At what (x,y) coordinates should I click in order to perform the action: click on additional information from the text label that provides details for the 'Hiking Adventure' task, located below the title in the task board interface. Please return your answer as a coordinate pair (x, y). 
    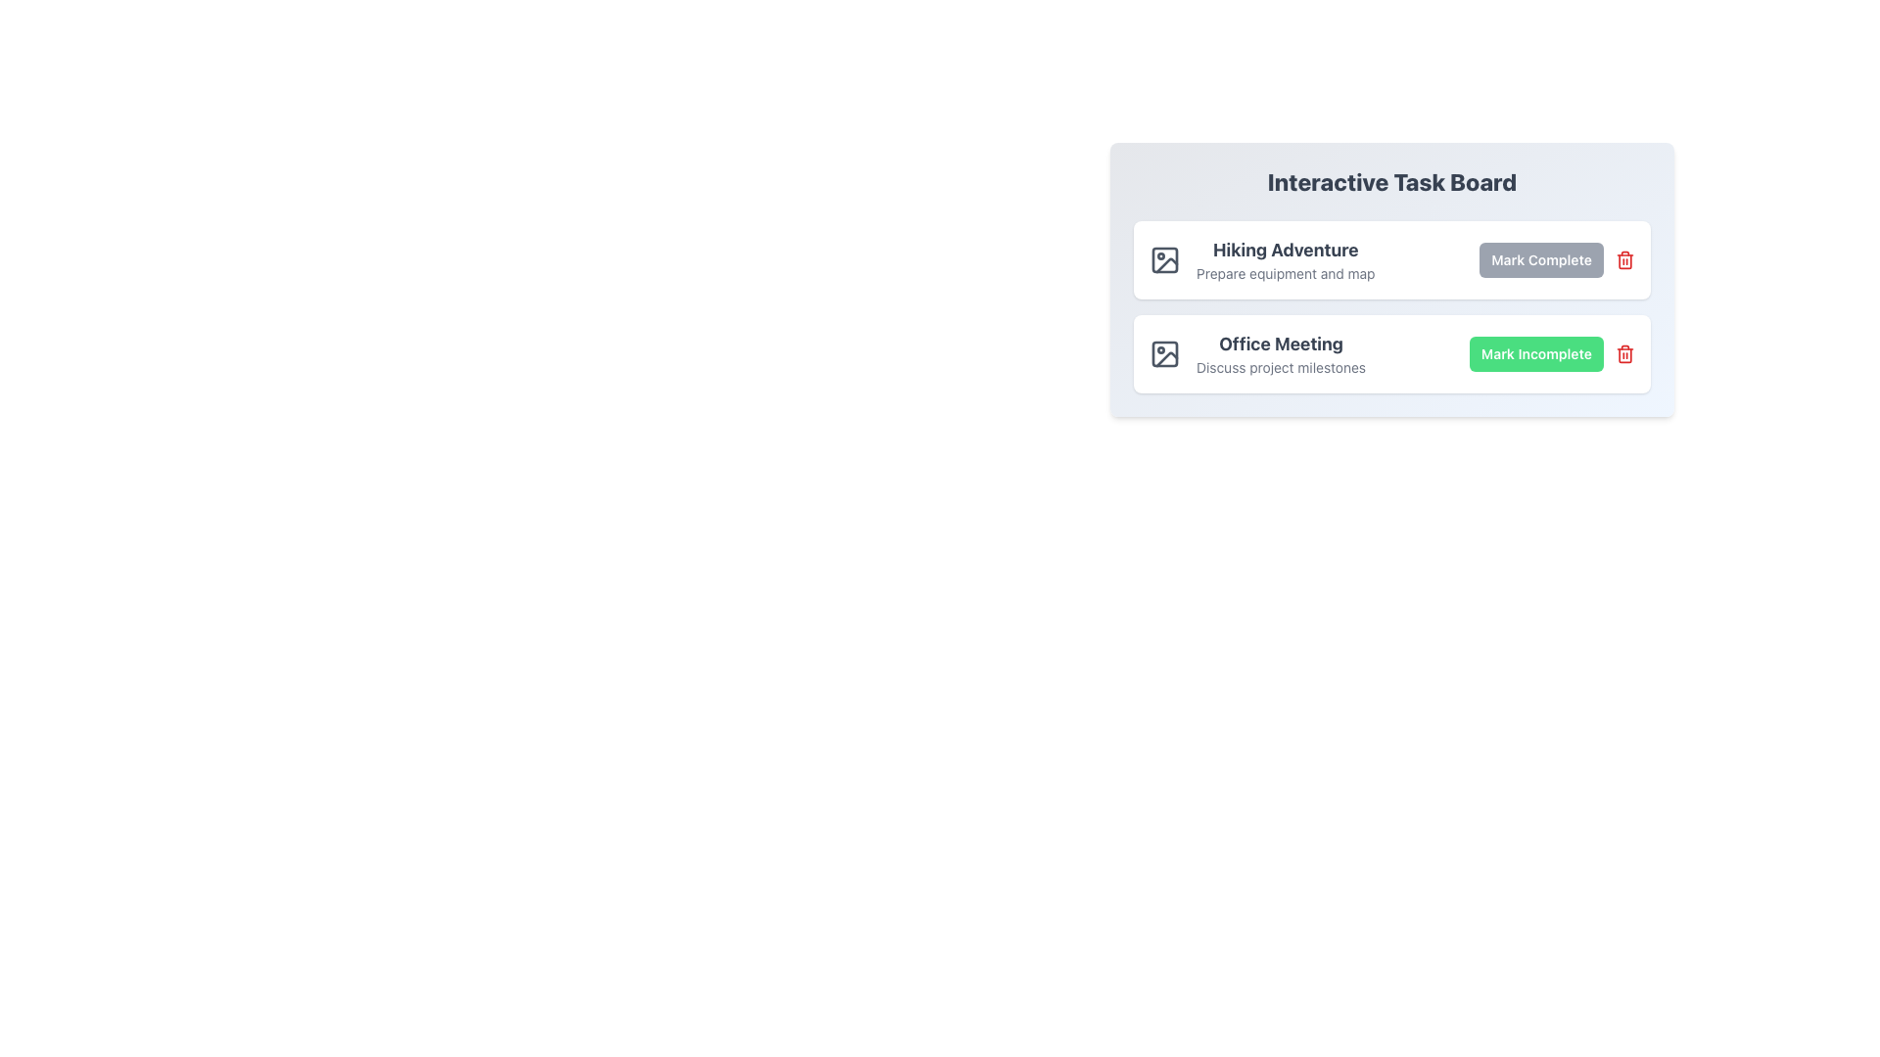
    Looking at the image, I should click on (1286, 274).